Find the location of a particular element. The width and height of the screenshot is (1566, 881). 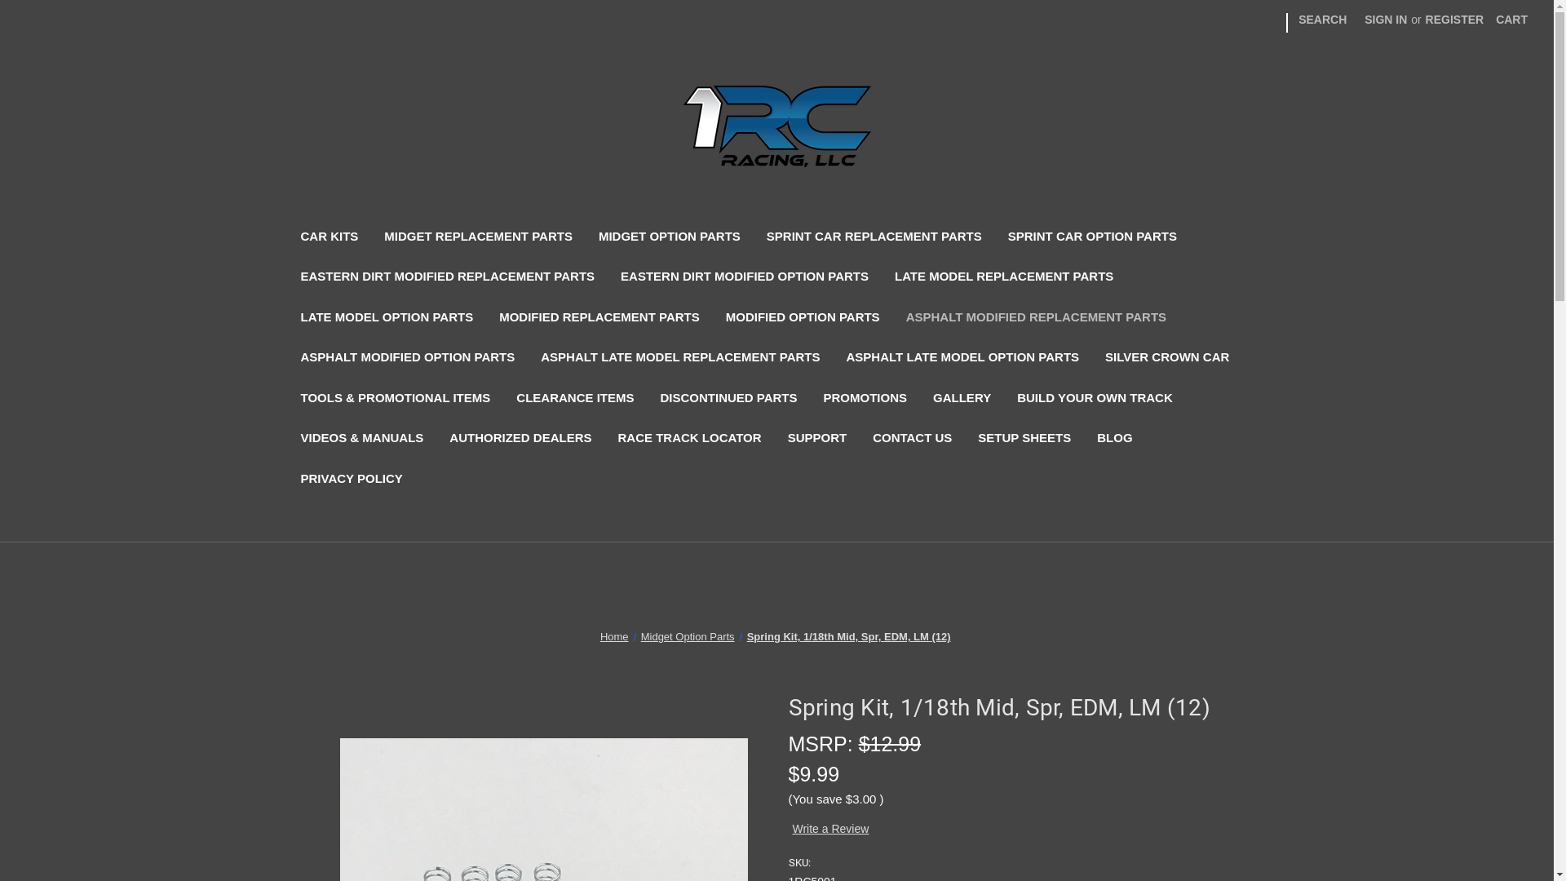

'EASTERN DIRT MODIFIED REPLACEMENT PARTS' is located at coordinates (447, 277).